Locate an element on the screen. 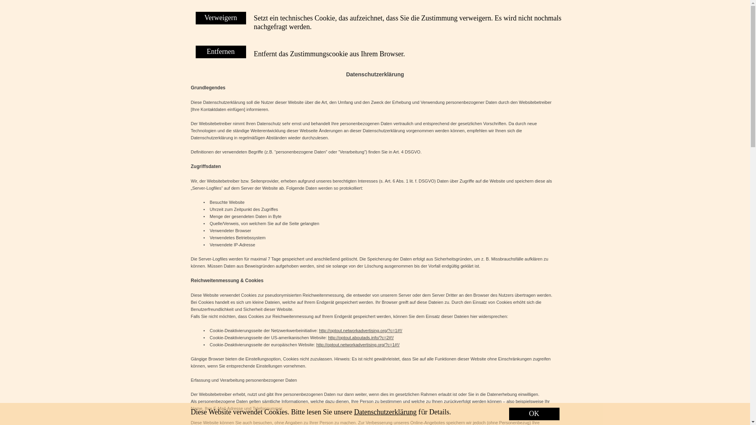 Image resolution: width=756 pixels, height=425 pixels. 'http://optout.aboutads.info/?c=2#!/' is located at coordinates (328, 337).